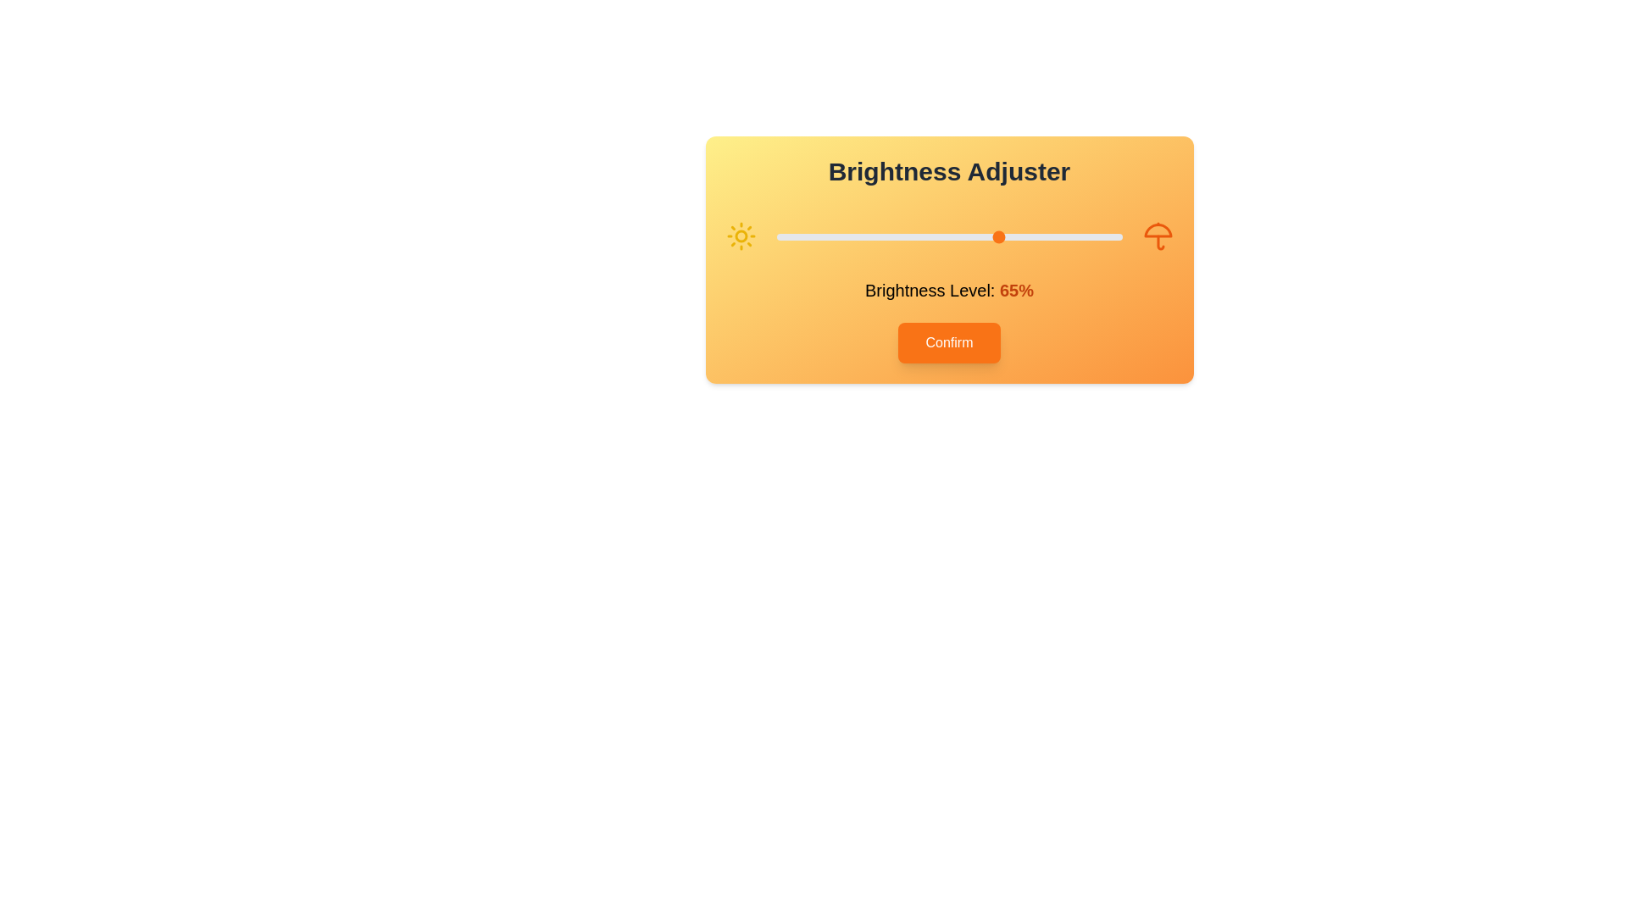  I want to click on the Umbrella icon near the slider, so click(1157, 236).